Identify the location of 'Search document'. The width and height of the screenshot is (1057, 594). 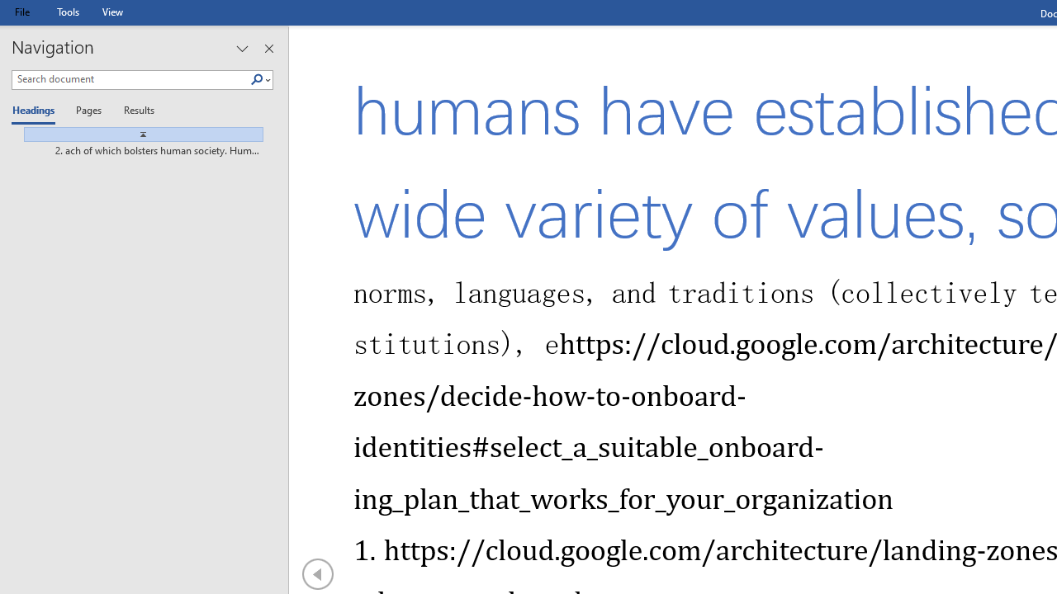
(130, 79).